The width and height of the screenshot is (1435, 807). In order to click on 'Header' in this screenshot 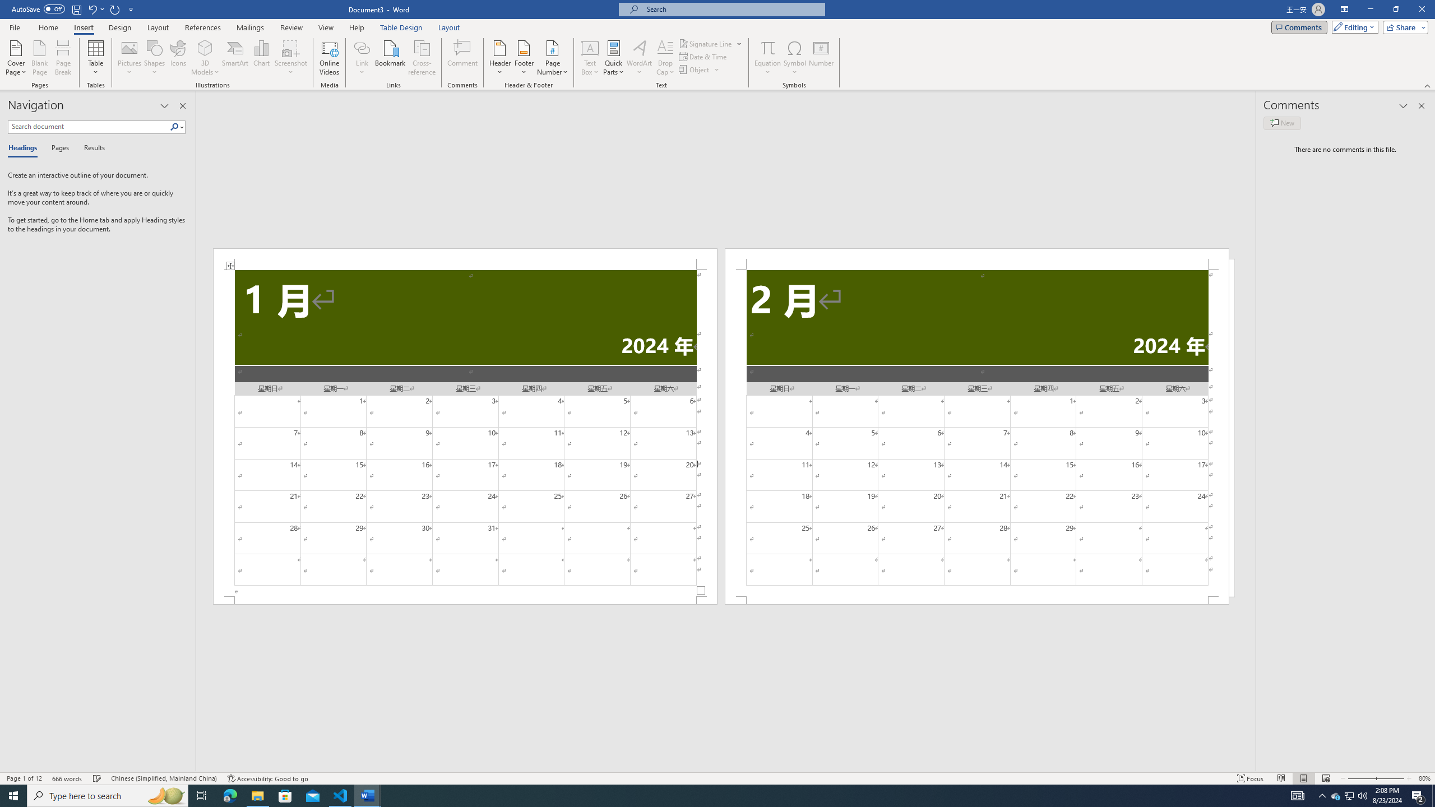, I will do `click(500, 58)`.